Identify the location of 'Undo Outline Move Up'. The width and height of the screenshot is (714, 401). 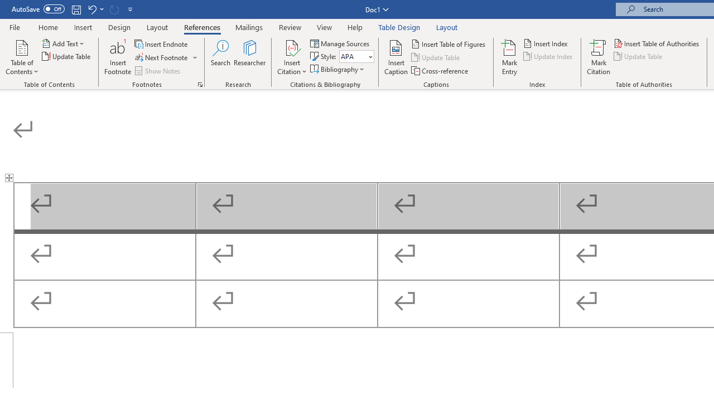
(95, 9).